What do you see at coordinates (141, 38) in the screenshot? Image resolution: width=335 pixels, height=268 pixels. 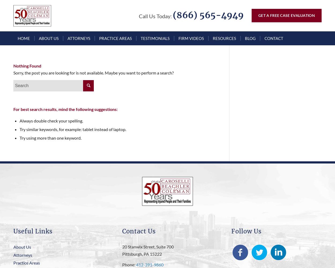 I see `'Testimonials'` at bounding box center [141, 38].